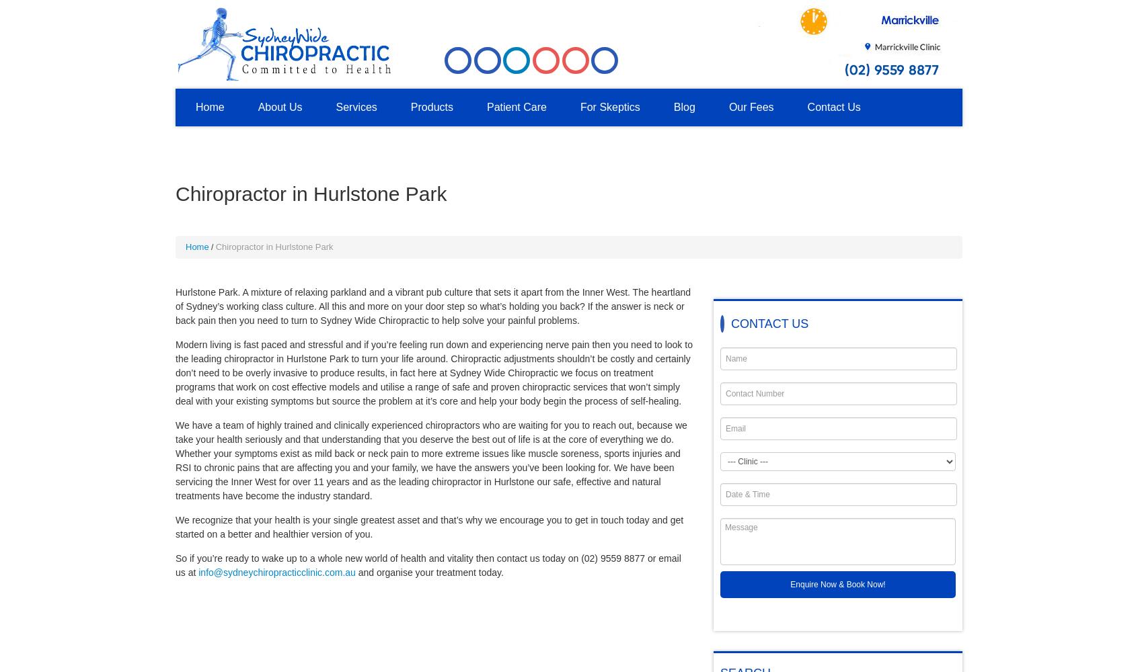 The height and width of the screenshot is (672, 1138). What do you see at coordinates (428, 564) in the screenshot?
I see `'So if you’re ready to wake up to a whole new world of health and vitality then contact us today on (02) 9559 8877 or email us at'` at bounding box center [428, 564].